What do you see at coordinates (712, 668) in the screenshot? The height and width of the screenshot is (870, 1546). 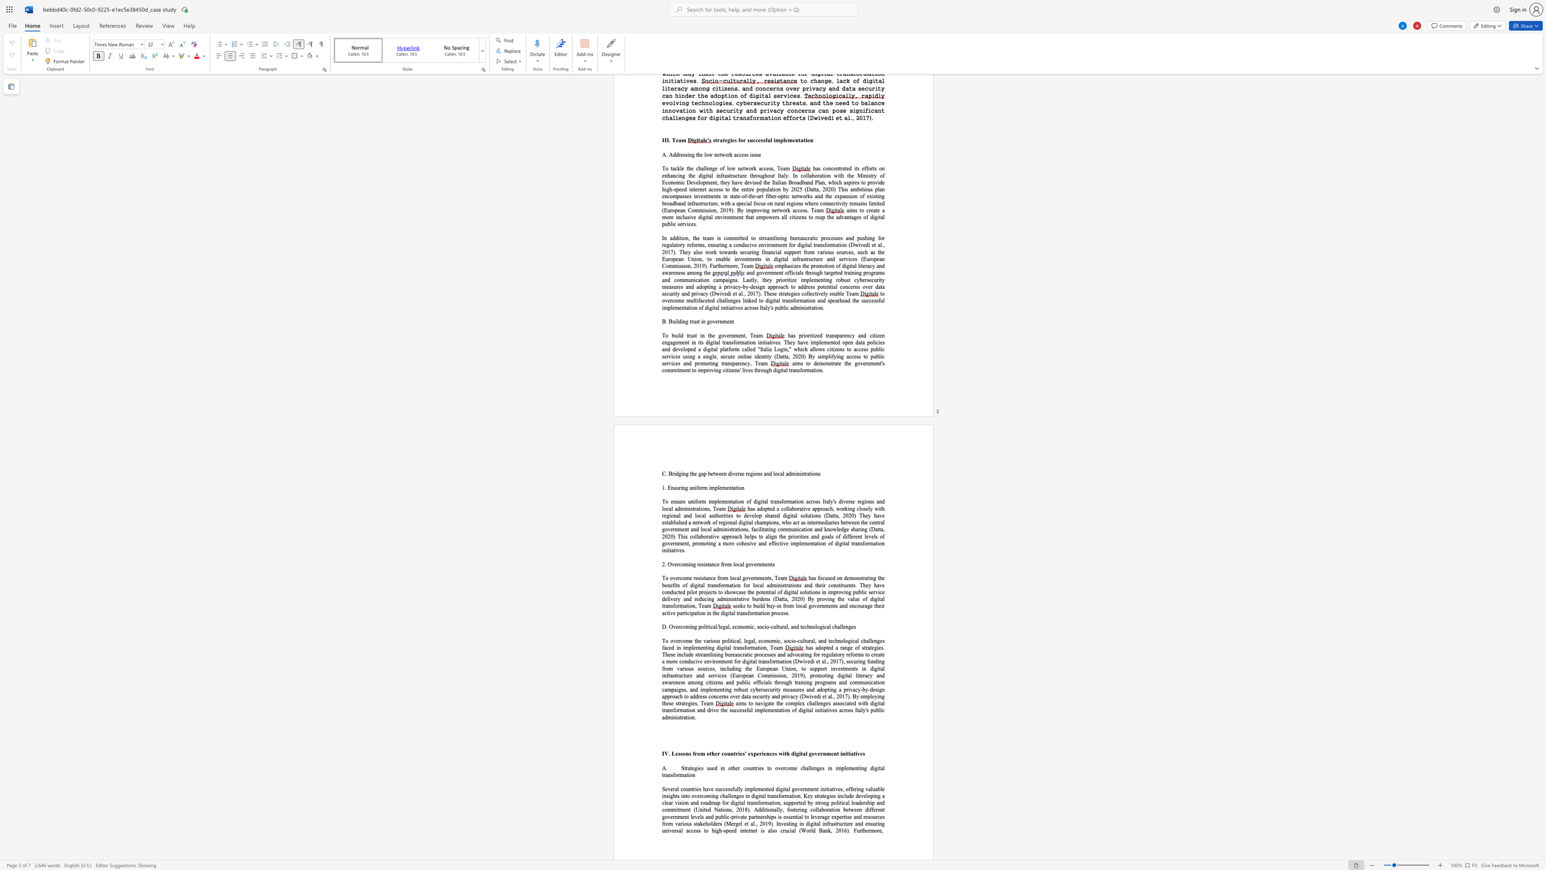 I see `the subset text "s, inclu" within the text "has adopted a range of strategies. These include streamlining bureaucratic processes and advocating for regulatory reforms to create a more conducive environment for digital transformation (Dwivedi et al., 2017), securing funding from various sources, including the European Union, to support investments in digital infrastructure and services (European C"` at bounding box center [712, 668].